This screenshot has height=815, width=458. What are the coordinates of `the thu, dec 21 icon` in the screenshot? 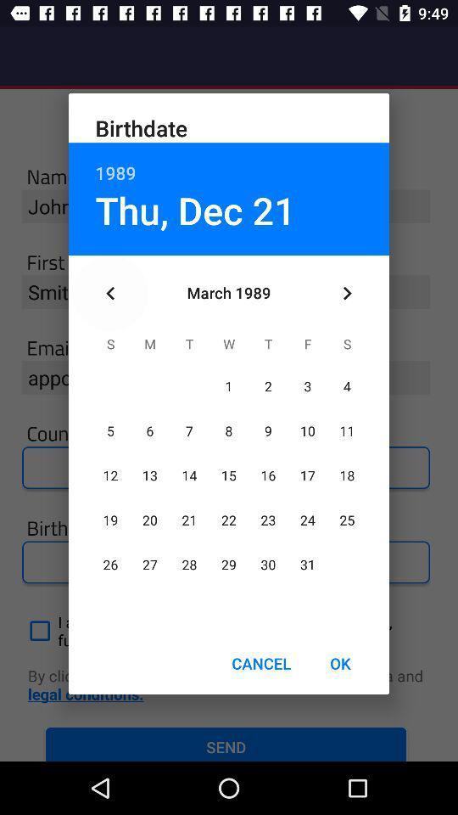 It's located at (194, 209).